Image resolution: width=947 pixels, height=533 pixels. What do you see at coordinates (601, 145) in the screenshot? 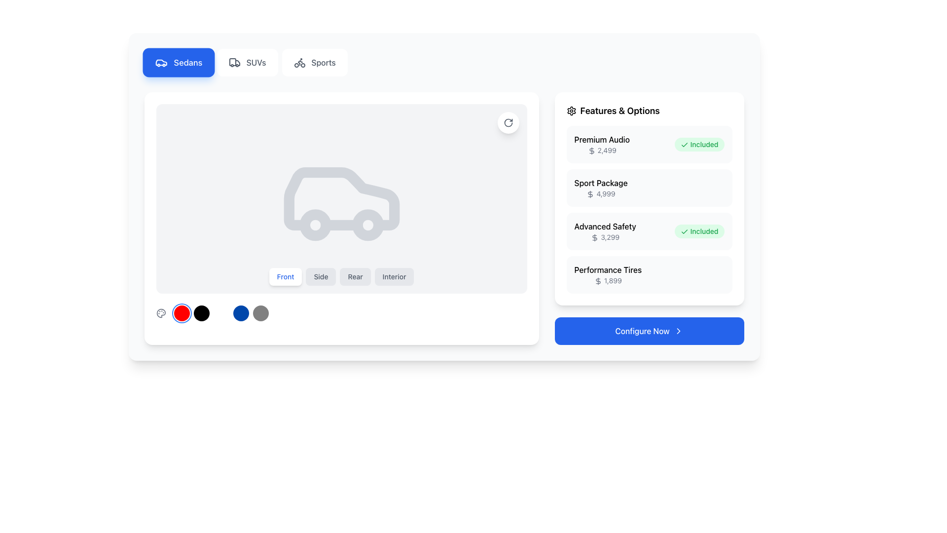
I see `to select the 'Premium Audio' option displayed in the 'Features & Options' section of the interface` at bounding box center [601, 145].